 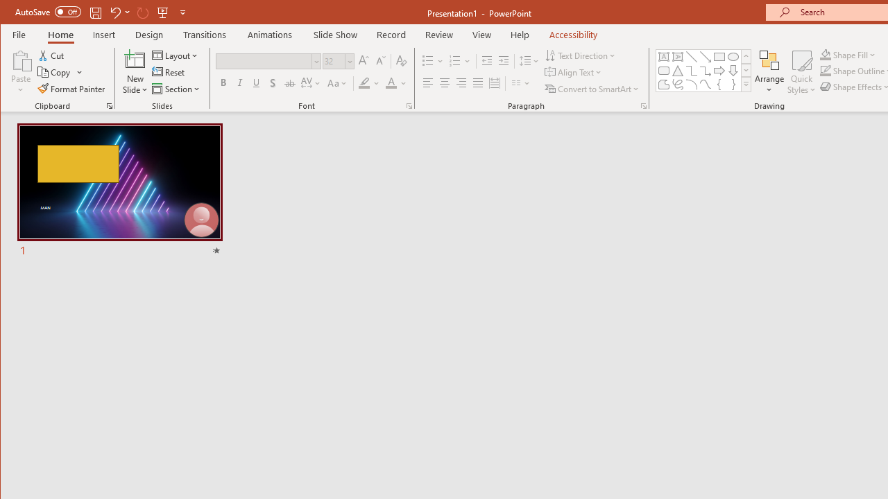 What do you see at coordinates (719, 85) in the screenshot?
I see `'Left Brace'` at bounding box center [719, 85].